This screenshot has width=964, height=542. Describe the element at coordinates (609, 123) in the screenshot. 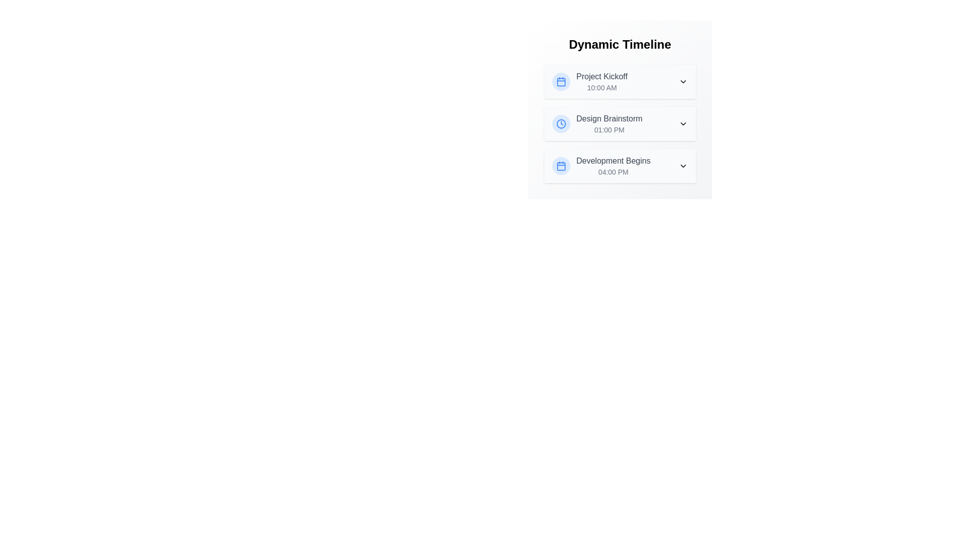

I see `the text label titled 'Design Brainstorm' with the time label '01:00 PM', which is the second item in the vertical list under 'Dynamic Timeline'` at that location.